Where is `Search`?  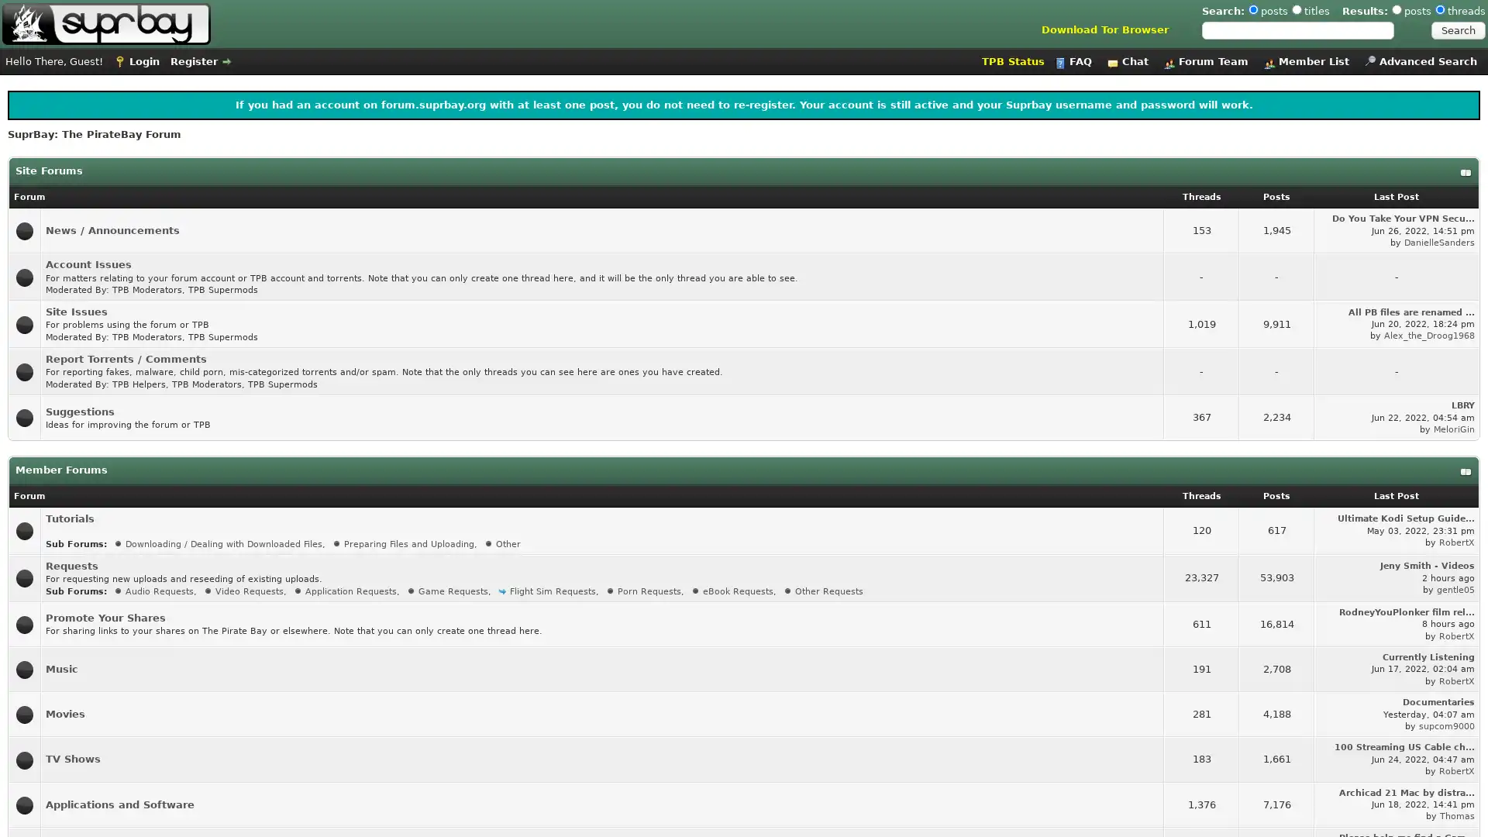
Search is located at coordinates (1457, 30).